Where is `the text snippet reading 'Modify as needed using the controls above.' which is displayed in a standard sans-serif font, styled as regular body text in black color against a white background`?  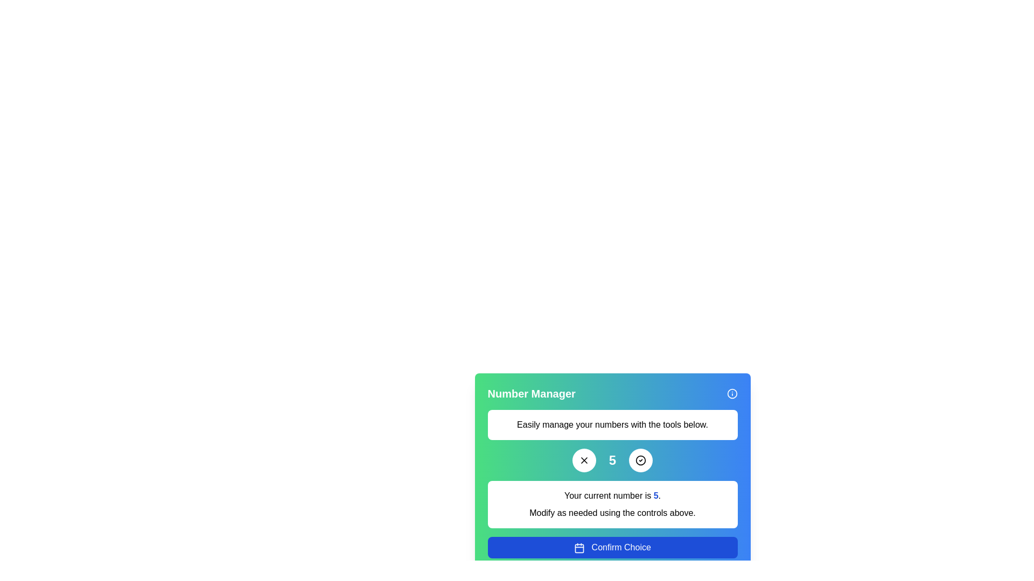 the text snippet reading 'Modify as needed using the controls above.' which is displayed in a standard sans-serif font, styled as regular body text in black color against a white background is located at coordinates (612, 512).